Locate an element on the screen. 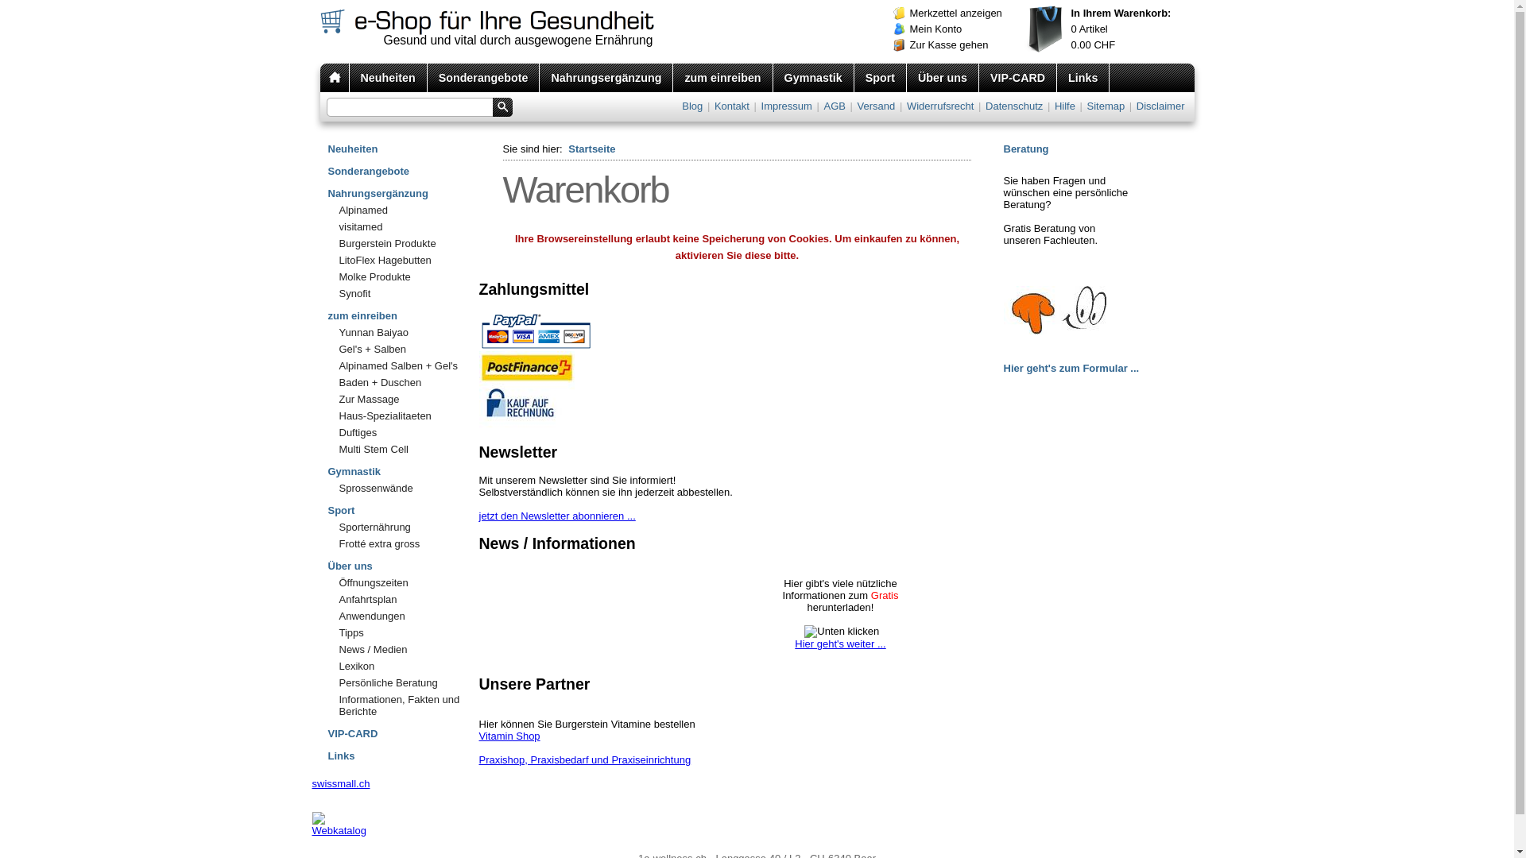  'Gel's + Salben' is located at coordinates (403, 348).